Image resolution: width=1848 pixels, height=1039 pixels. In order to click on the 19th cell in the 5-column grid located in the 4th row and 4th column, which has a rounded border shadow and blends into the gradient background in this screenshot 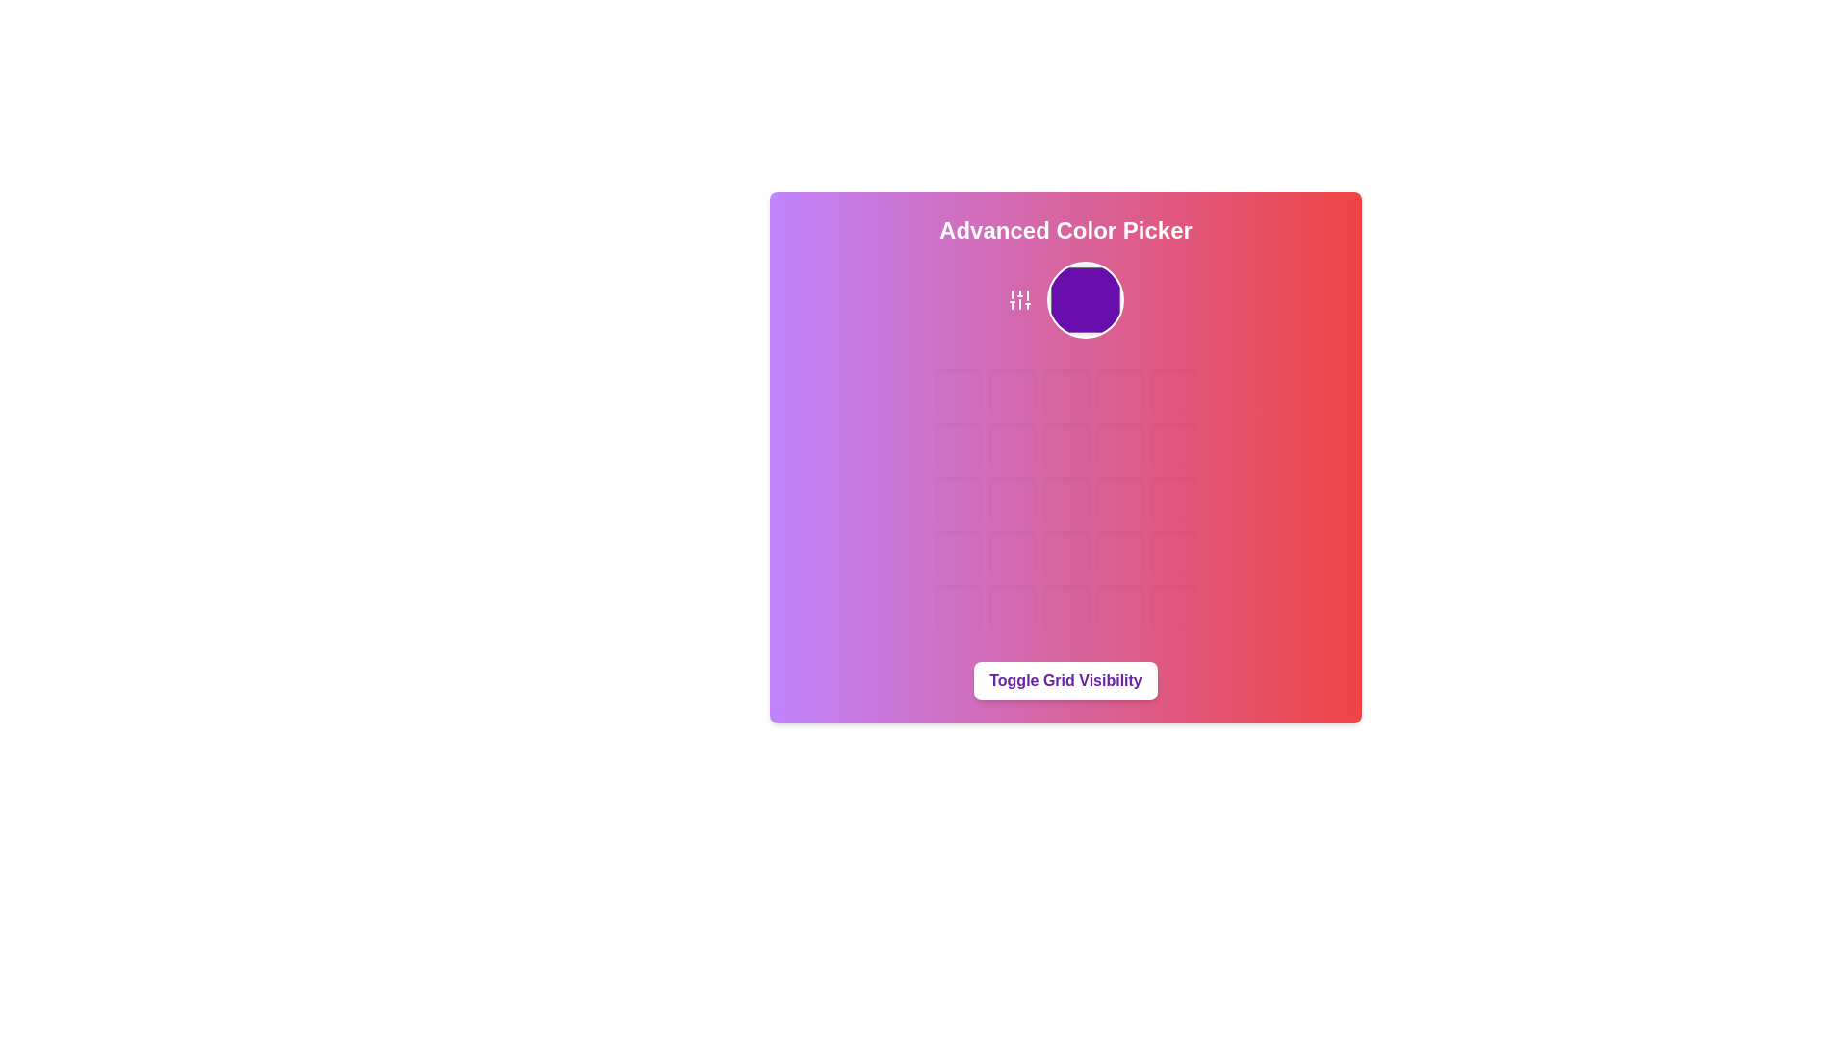, I will do `click(1119, 553)`.